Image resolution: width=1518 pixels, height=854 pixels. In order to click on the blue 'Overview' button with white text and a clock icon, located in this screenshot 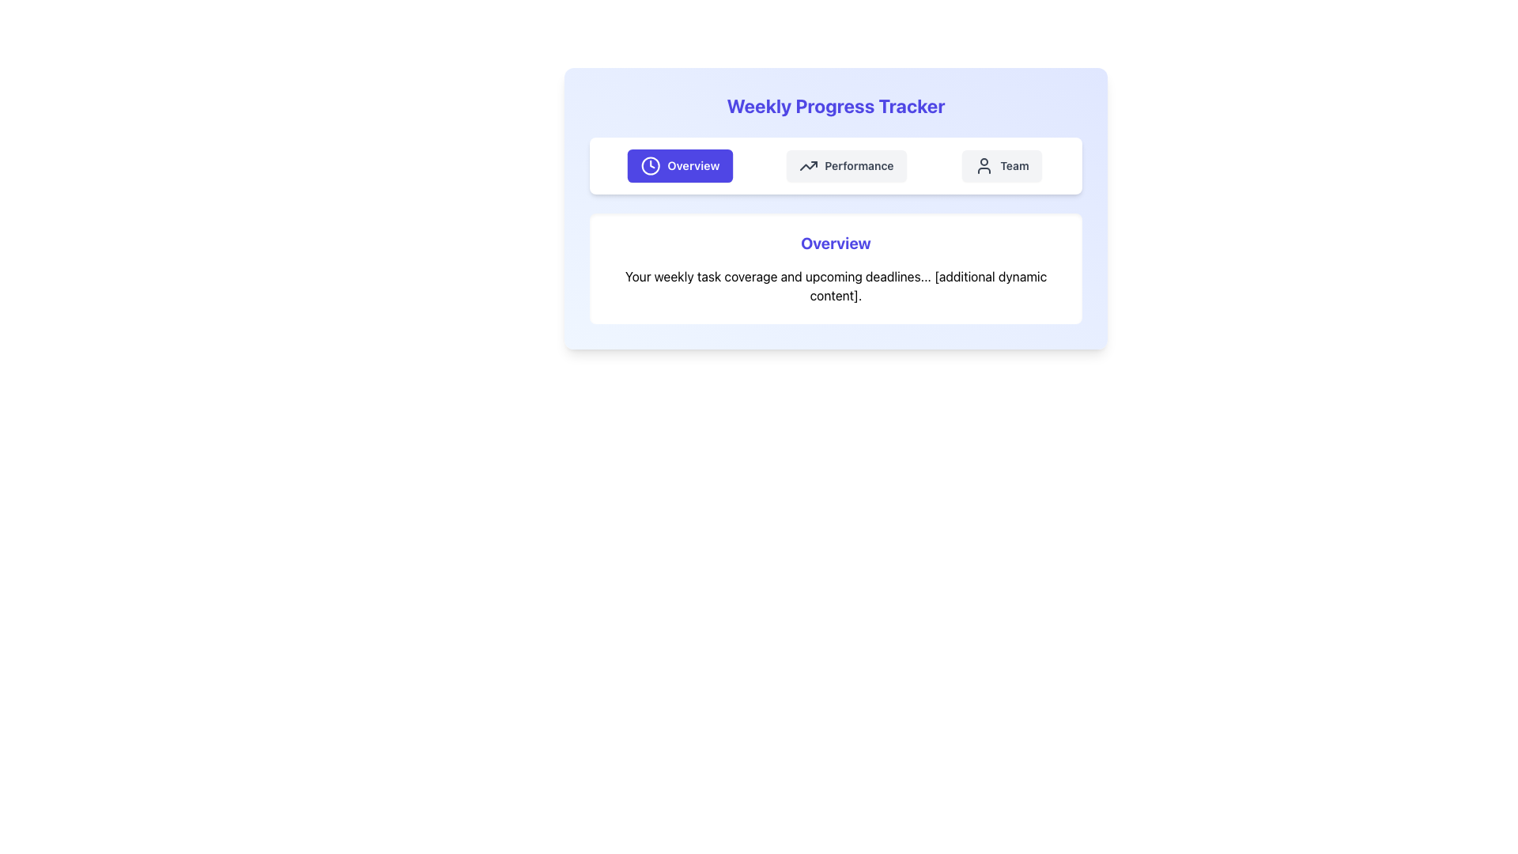, I will do `click(680, 165)`.